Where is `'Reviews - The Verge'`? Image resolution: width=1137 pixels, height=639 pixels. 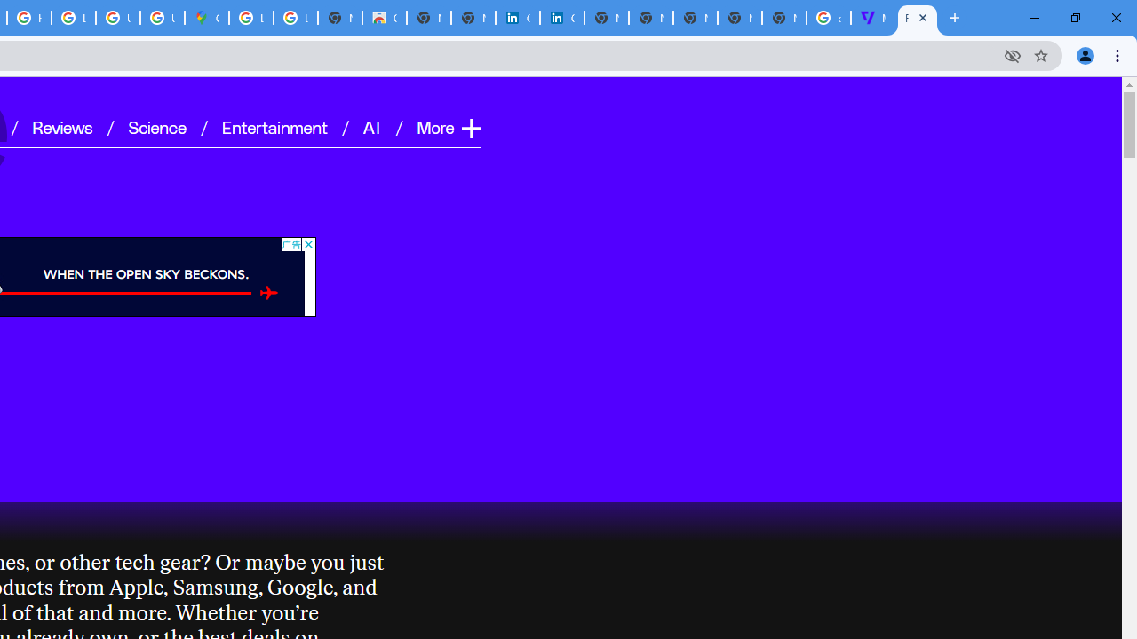 'Reviews - The Verge' is located at coordinates (917, 18).